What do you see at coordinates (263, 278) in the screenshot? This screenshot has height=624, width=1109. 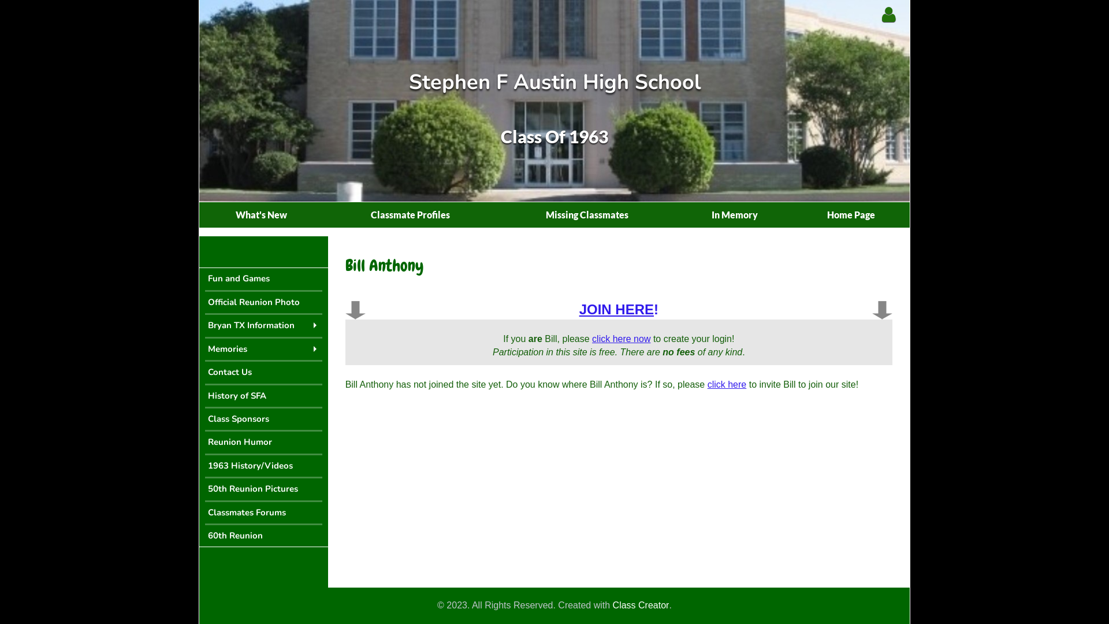 I see `'Fun and Games'` at bounding box center [263, 278].